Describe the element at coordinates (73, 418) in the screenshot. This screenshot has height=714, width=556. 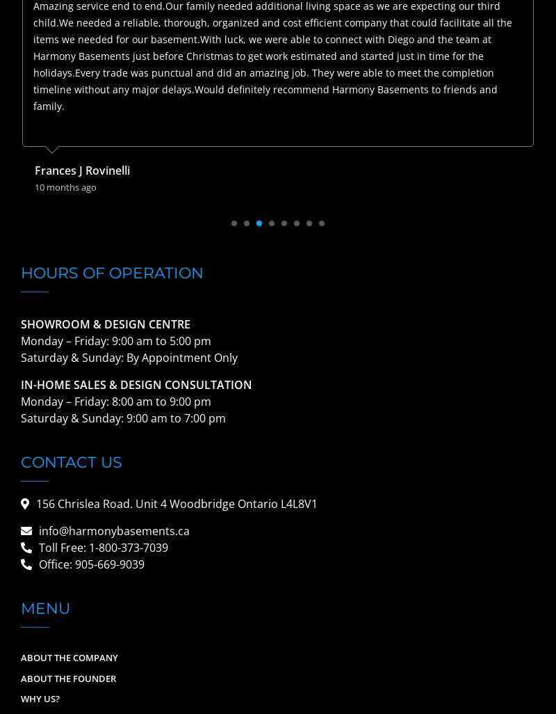
I see `'Saturday & Sunday:'` at that location.